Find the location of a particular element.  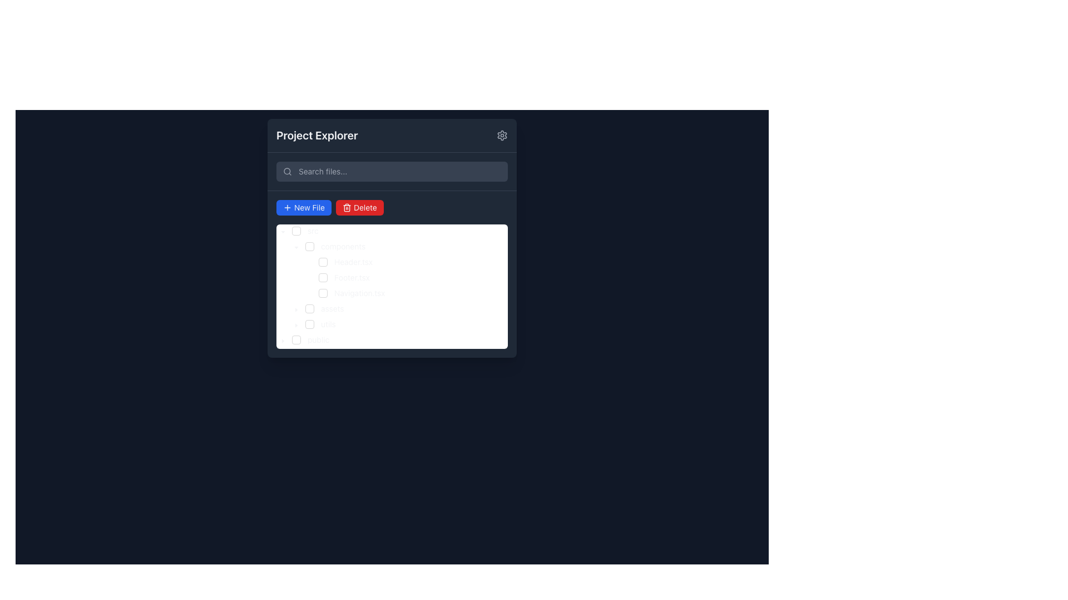

the 'Project Explorer' static text label located at the top left of the dark-themed side panel is located at coordinates (317, 134).